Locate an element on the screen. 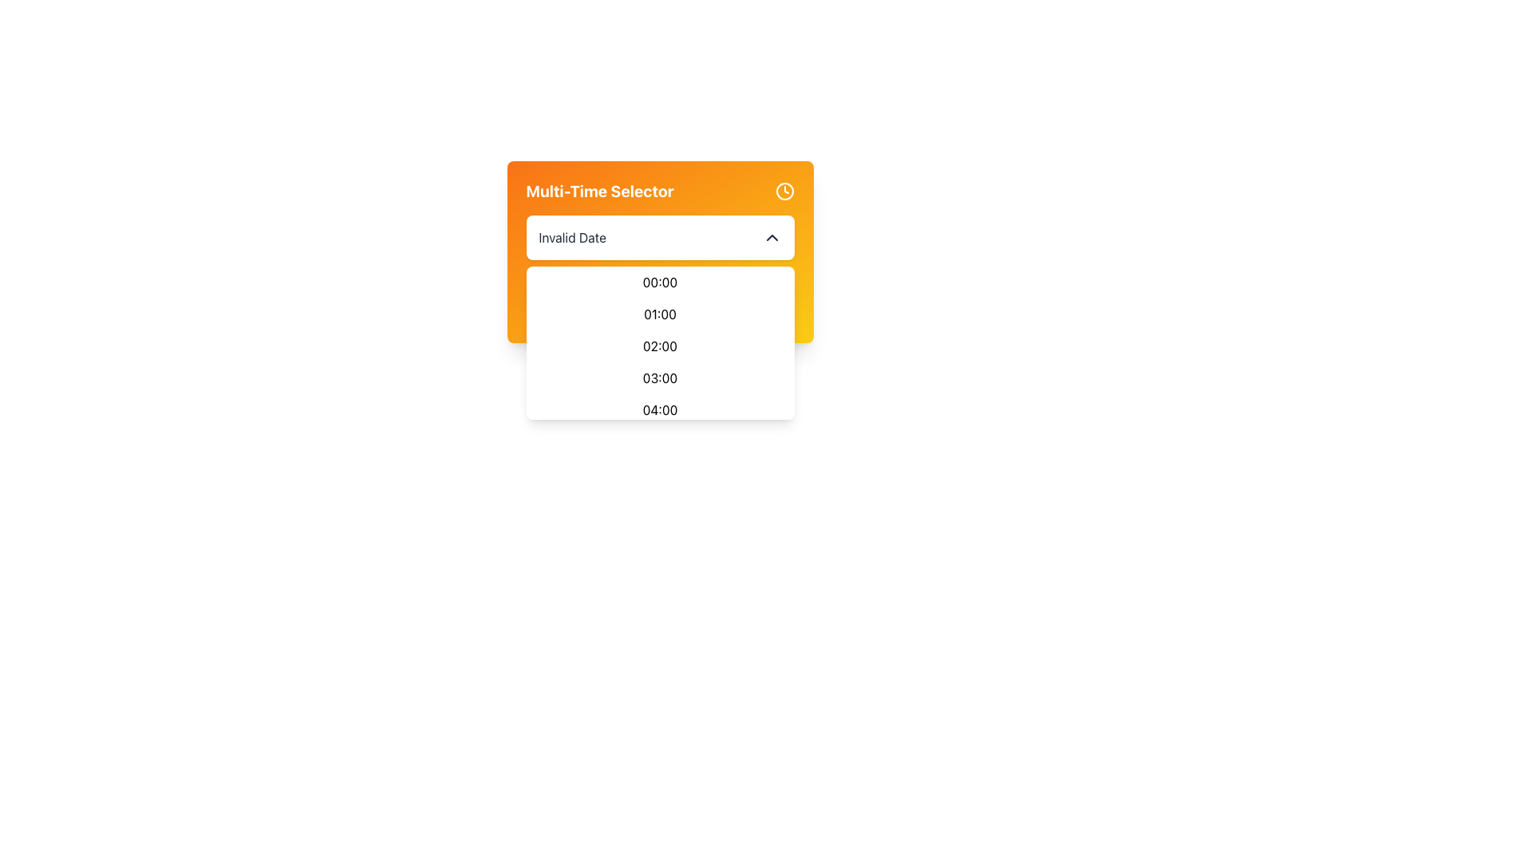 Image resolution: width=1532 pixels, height=862 pixels. the time selection dropdown options below the 'Multi-Time Selector' header is located at coordinates (660, 348).